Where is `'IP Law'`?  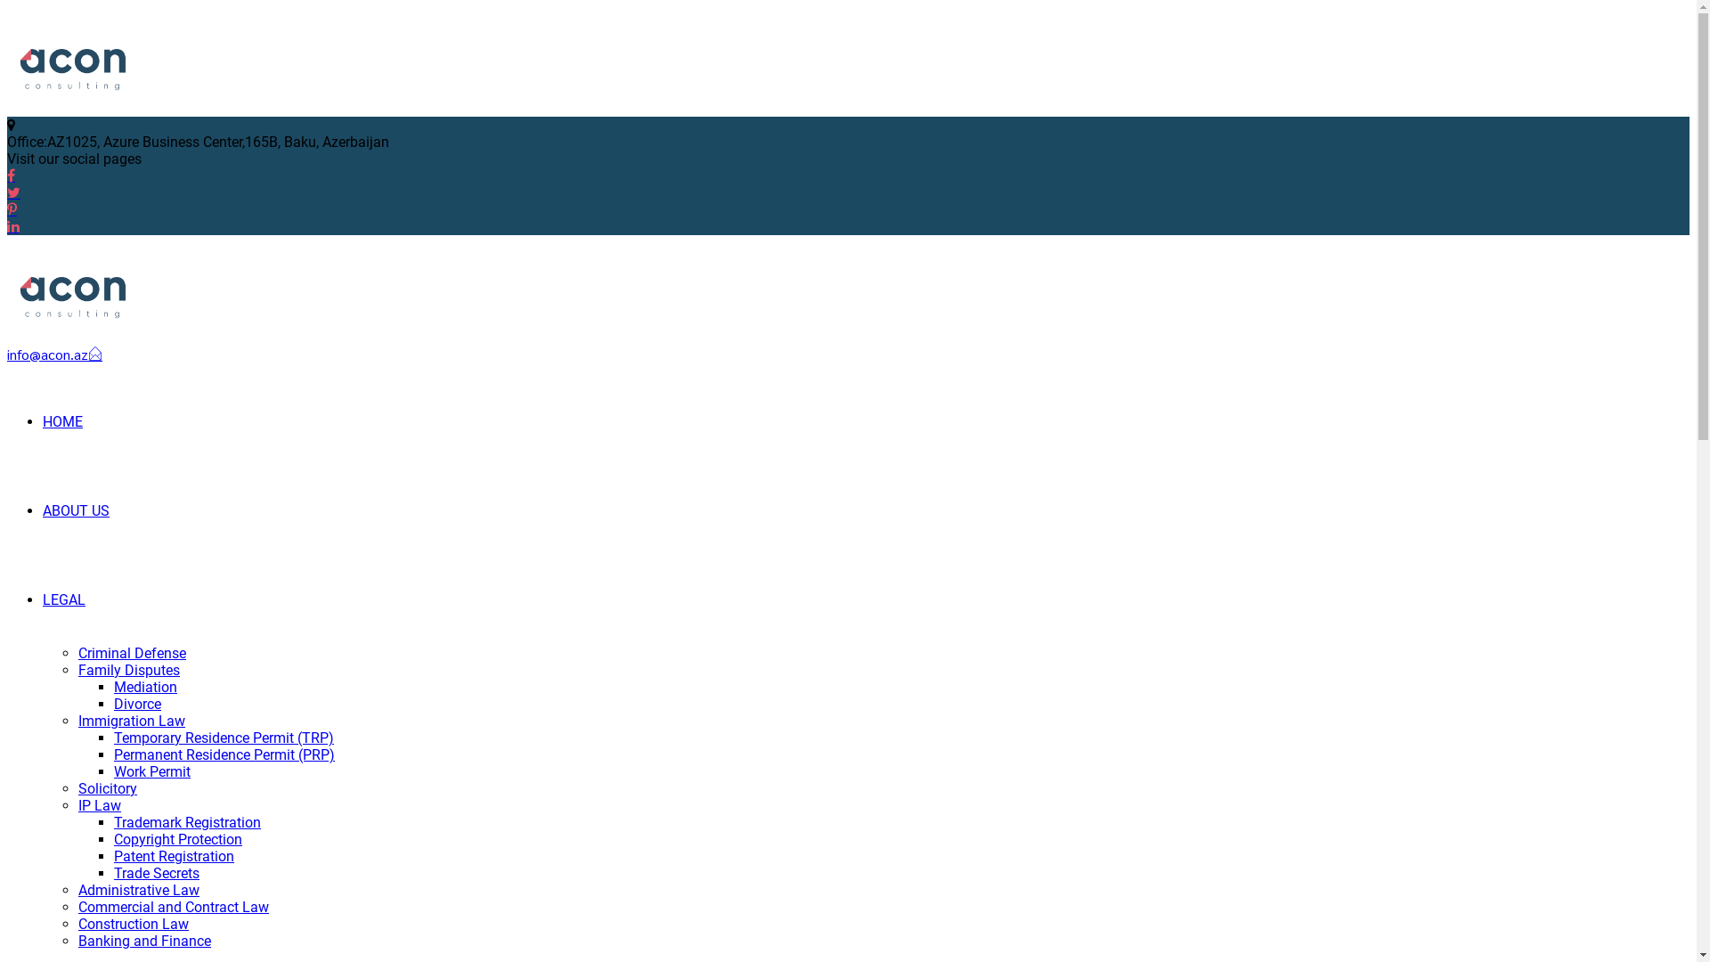
'IP Law' is located at coordinates (98, 805).